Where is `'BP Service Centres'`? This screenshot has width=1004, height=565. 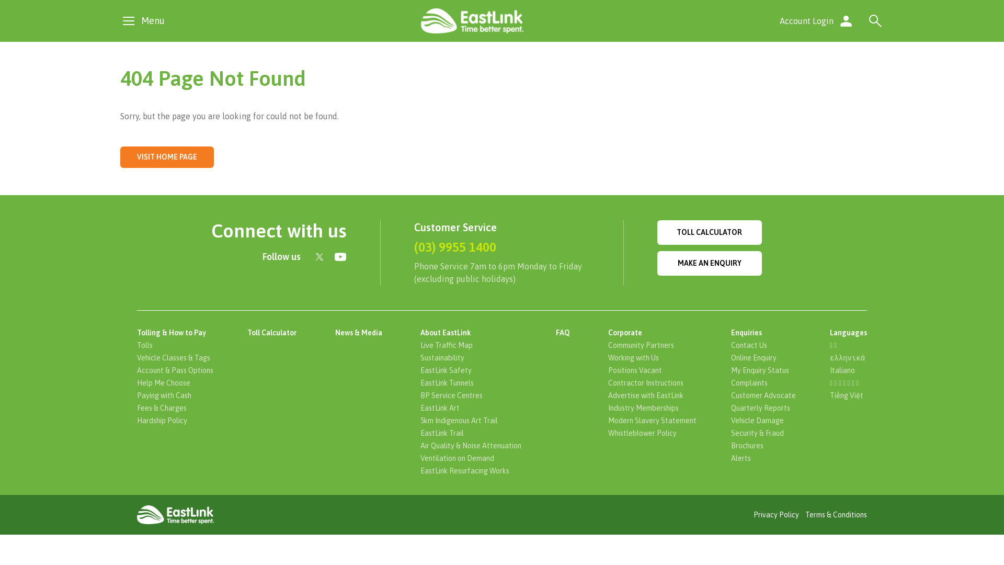
'BP Service Centres' is located at coordinates (455, 395).